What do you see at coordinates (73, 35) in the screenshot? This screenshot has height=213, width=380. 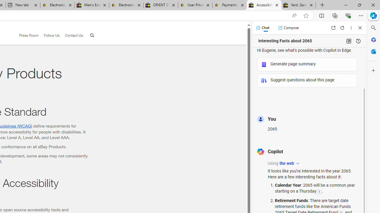 I see `'Contact Us'` at bounding box center [73, 35].